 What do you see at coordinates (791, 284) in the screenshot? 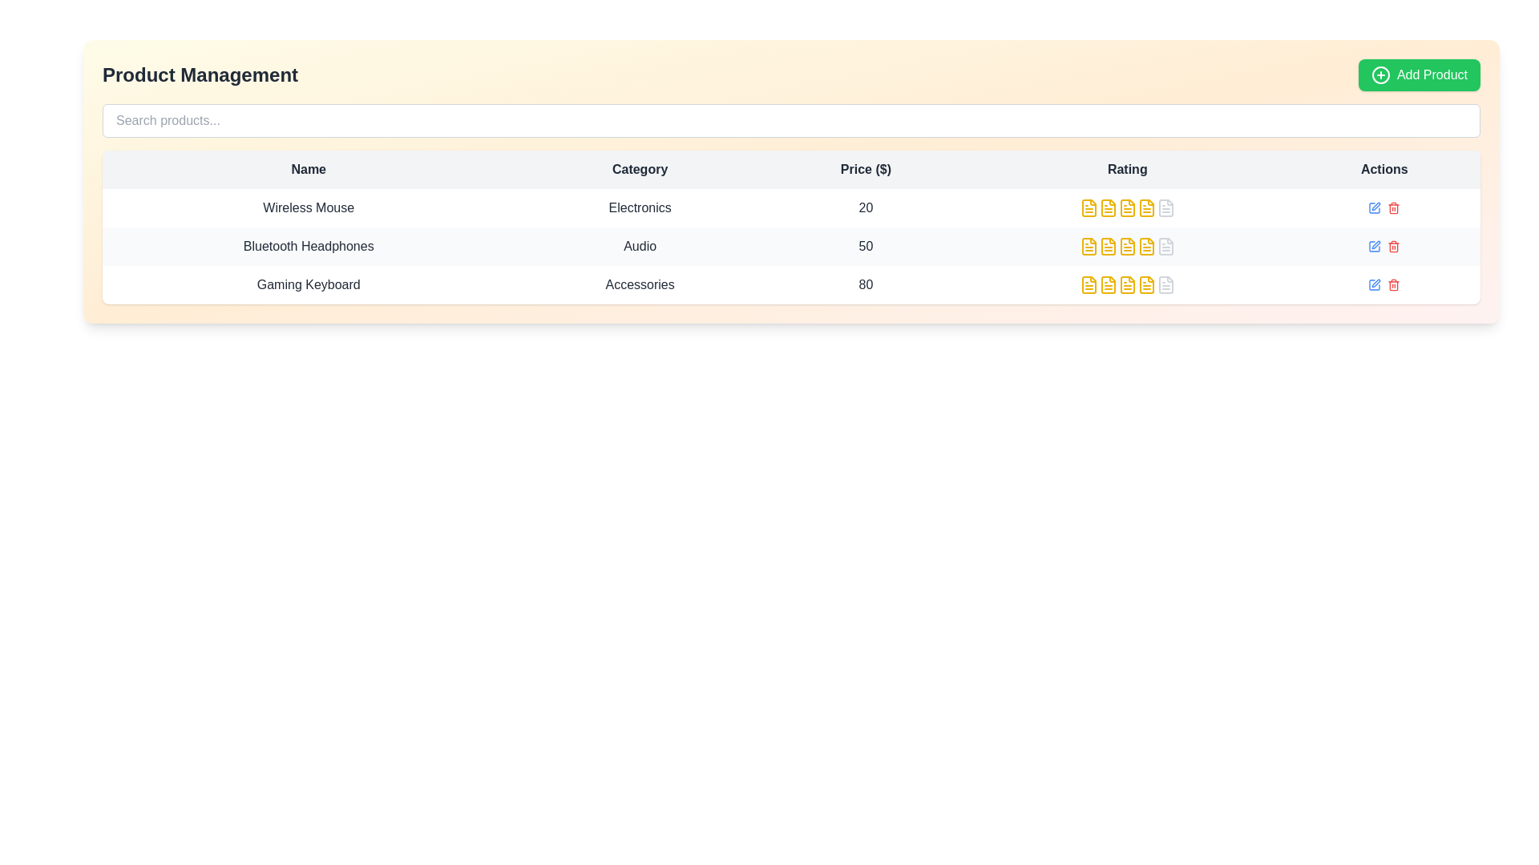
I see `content displayed in the third row of the product table, which includes details such as name, category, price, and rating` at bounding box center [791, 284].